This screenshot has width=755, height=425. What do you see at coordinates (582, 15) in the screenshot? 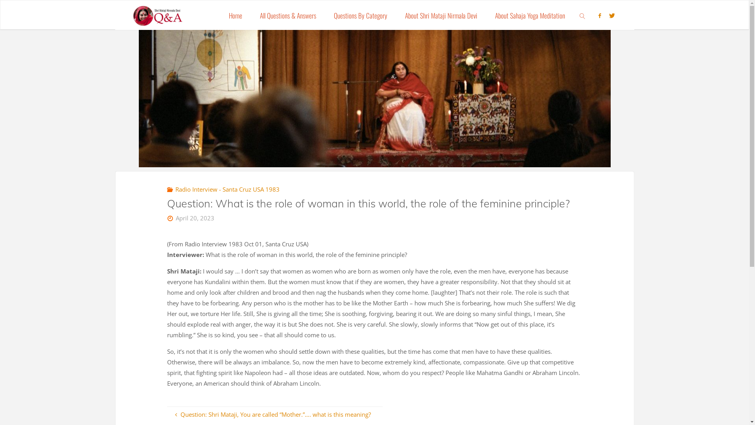
I see `'Search'` at bounding box center [582, 15].